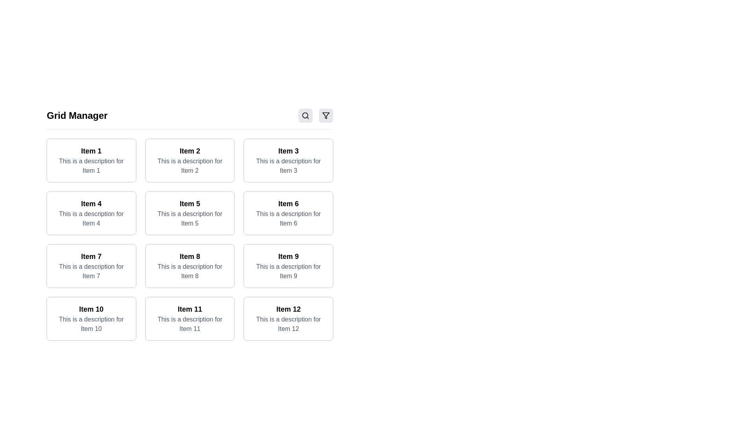  I want to click on the filter tool icon located in the top-right section of the toolbar, which is the second icon from the left, so click(326, 115).